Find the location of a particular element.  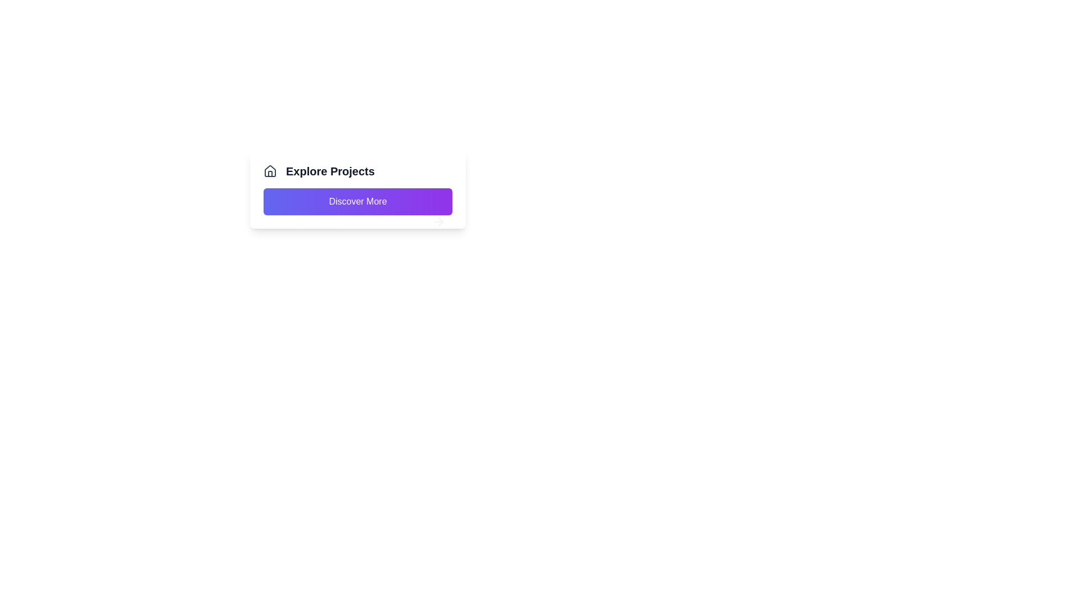

the gray house-shaped icon located to the left of the 'Explore Projects' text label is located at coordinates (270, 171).